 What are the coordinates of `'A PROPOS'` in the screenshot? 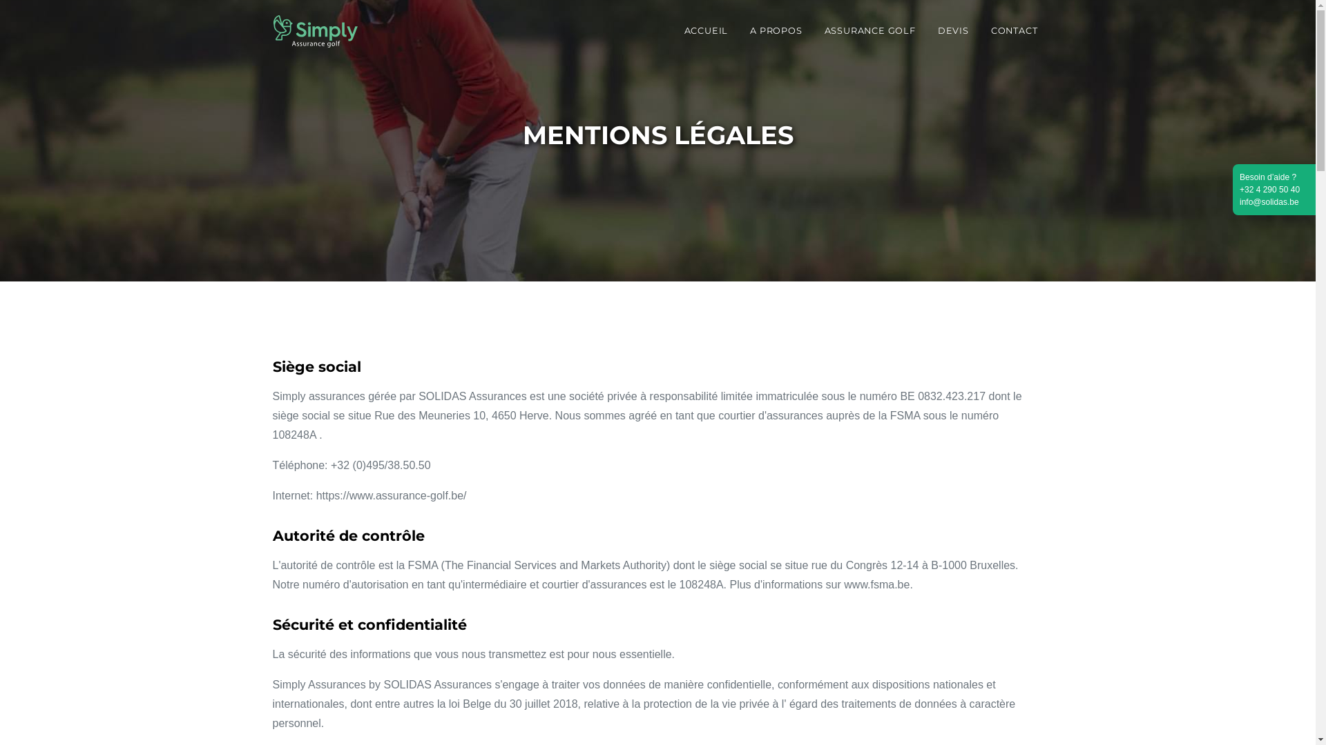 It's located at (776, 30).